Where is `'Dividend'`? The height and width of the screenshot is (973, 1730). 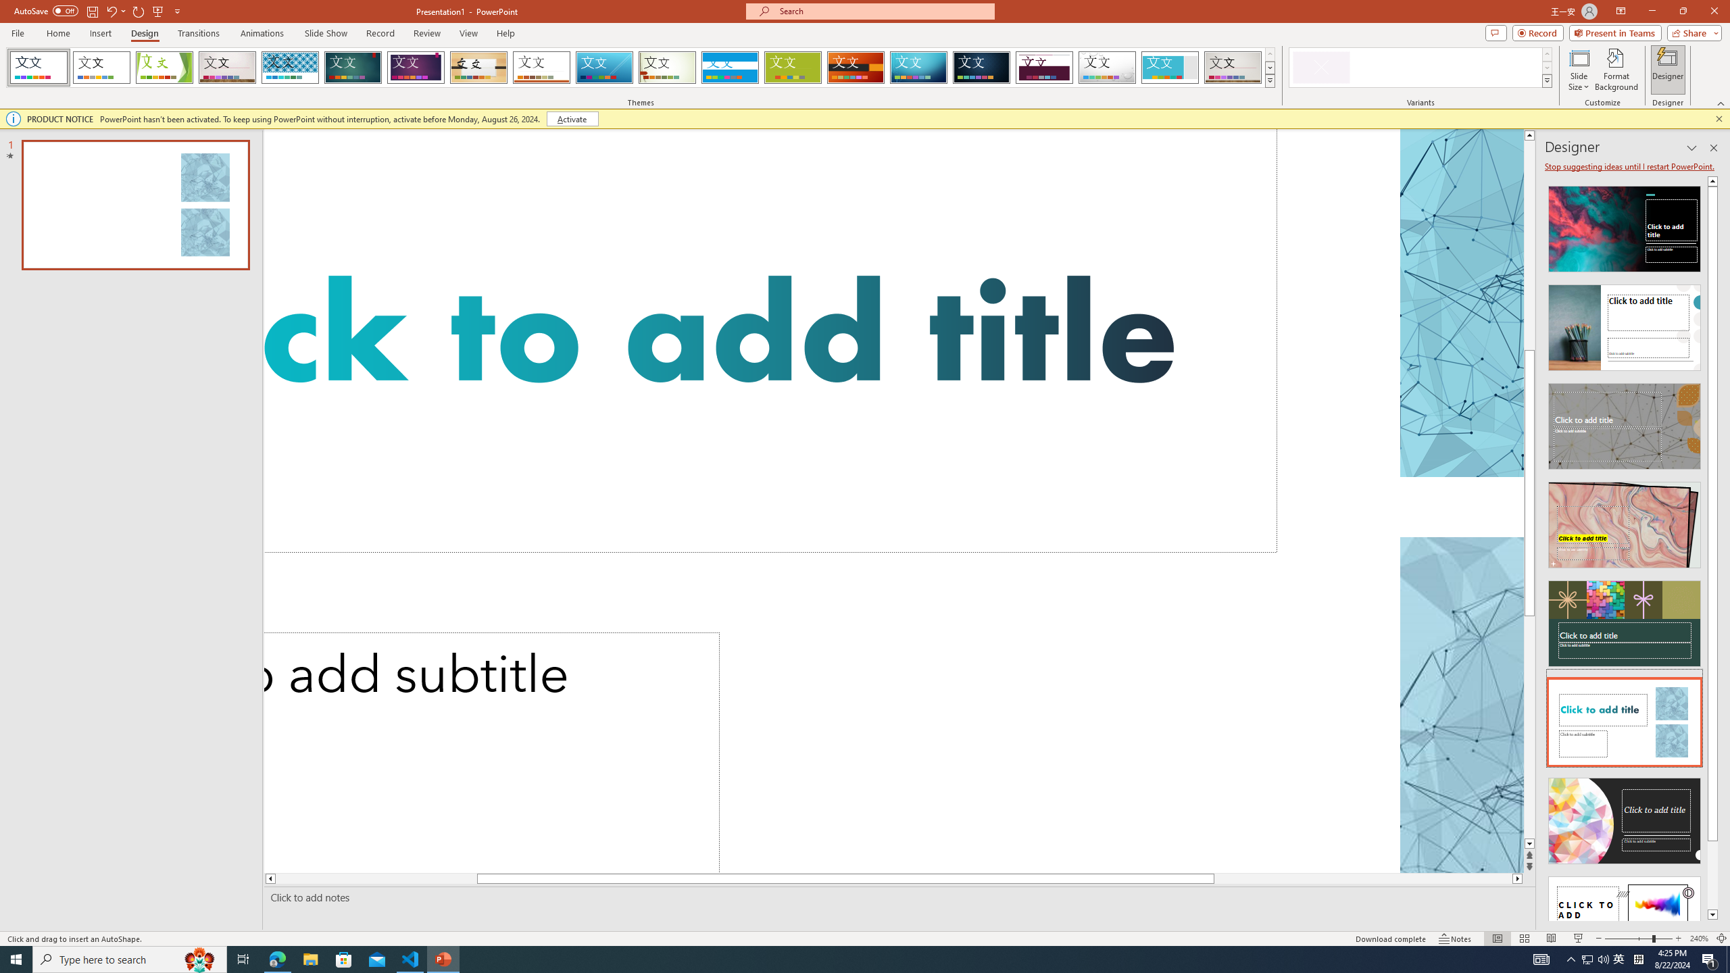
'Dividend' is located at coordinates (1044, 67).